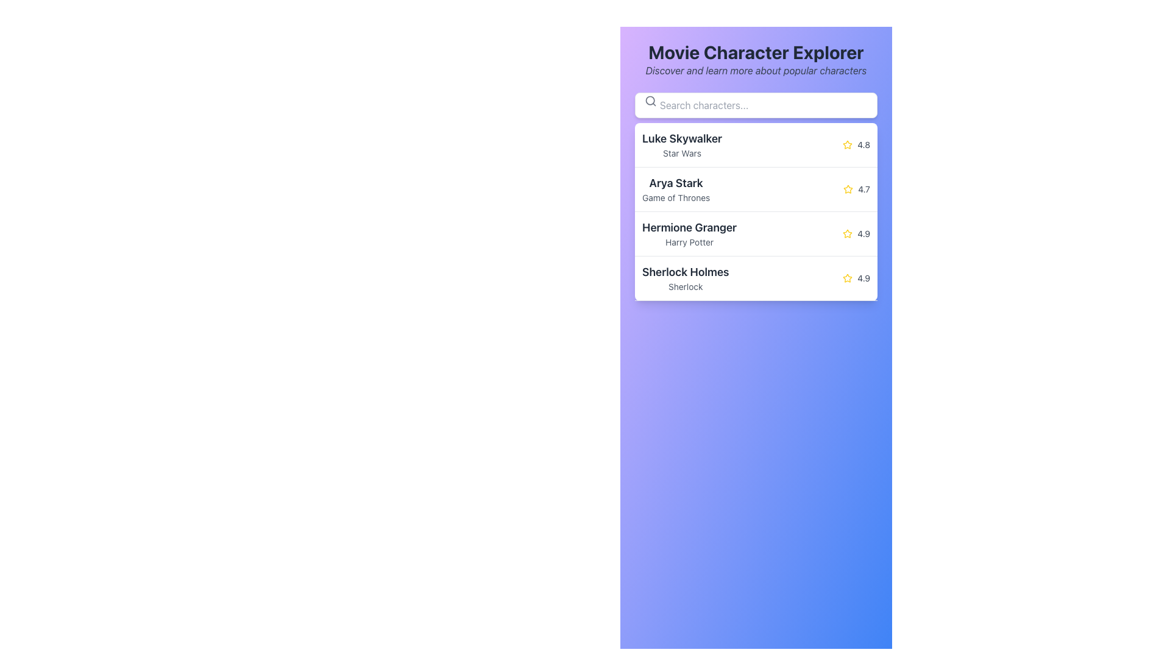  Describe the element at coordinates (686, 272) in the screenshot. I see `the text element displaying the title 'Sherlock Holmes', which is the larger, bolded title of the fourth entry in the list` at that location.